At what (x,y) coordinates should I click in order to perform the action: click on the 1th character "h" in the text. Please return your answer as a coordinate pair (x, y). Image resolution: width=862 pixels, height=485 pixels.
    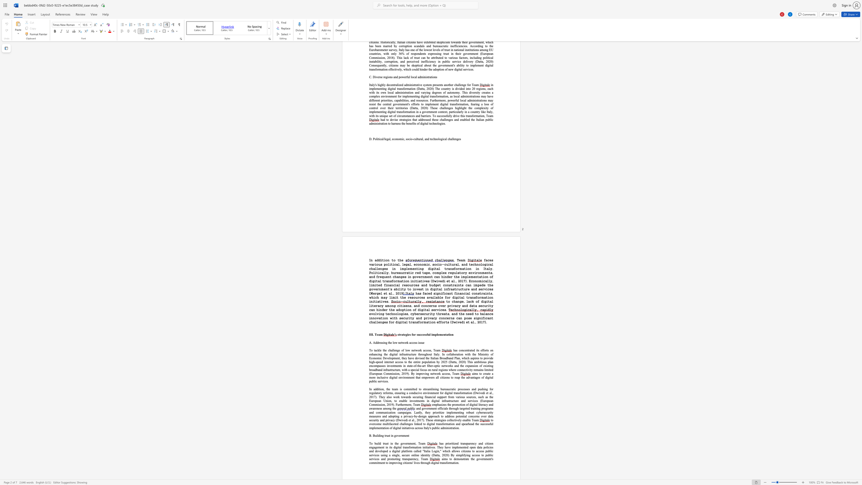
    Looking at the image, I should click on (400, 260).